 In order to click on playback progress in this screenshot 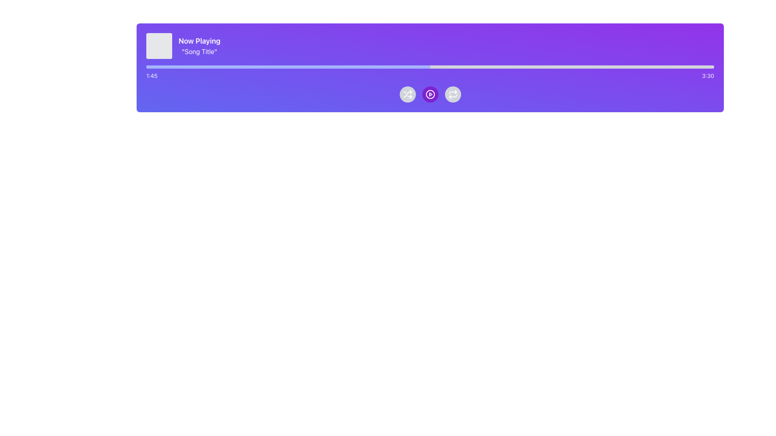, I will do `click(313, 66)`.